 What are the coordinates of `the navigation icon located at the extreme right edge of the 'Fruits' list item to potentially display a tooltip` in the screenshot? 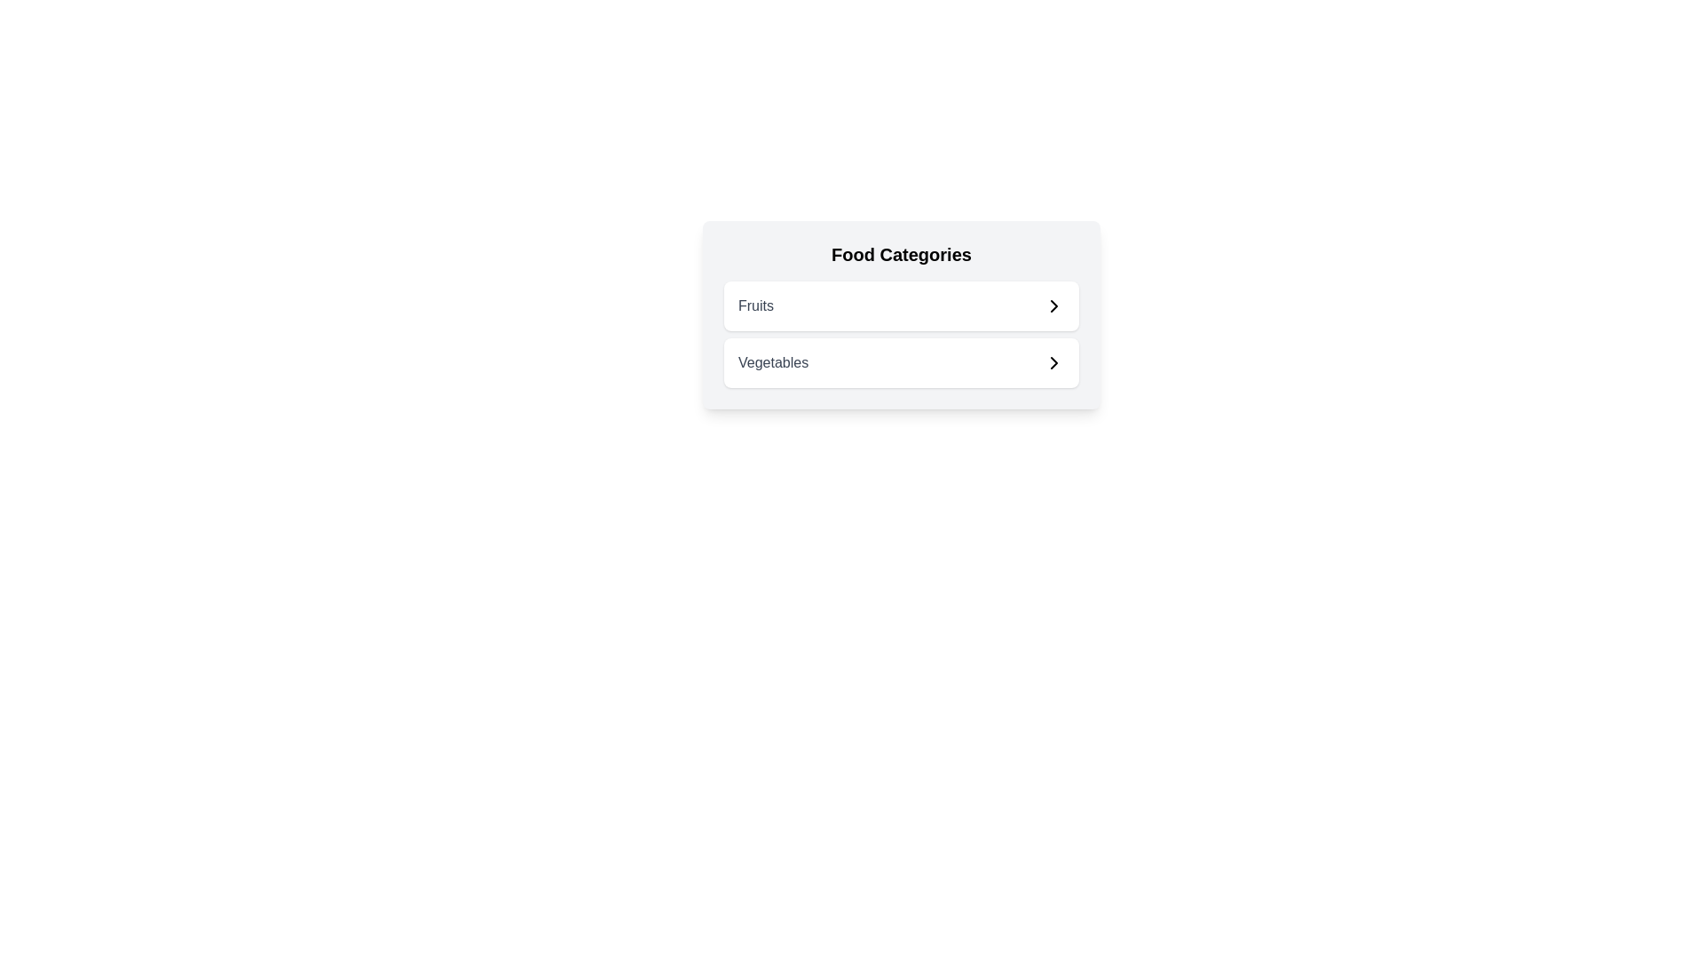 It's located at (1054, 305).